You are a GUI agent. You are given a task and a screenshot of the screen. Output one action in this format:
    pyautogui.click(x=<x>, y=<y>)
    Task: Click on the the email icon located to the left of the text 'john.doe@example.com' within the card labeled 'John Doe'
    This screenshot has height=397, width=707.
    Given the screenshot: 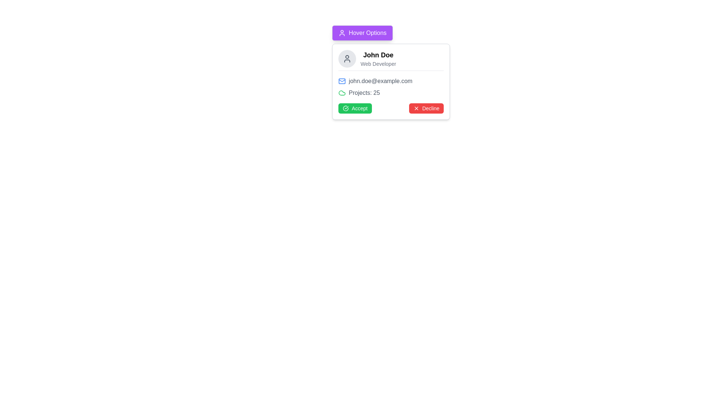 What is the action you would take?
    pyautogui.click(x=342, y=81)
    